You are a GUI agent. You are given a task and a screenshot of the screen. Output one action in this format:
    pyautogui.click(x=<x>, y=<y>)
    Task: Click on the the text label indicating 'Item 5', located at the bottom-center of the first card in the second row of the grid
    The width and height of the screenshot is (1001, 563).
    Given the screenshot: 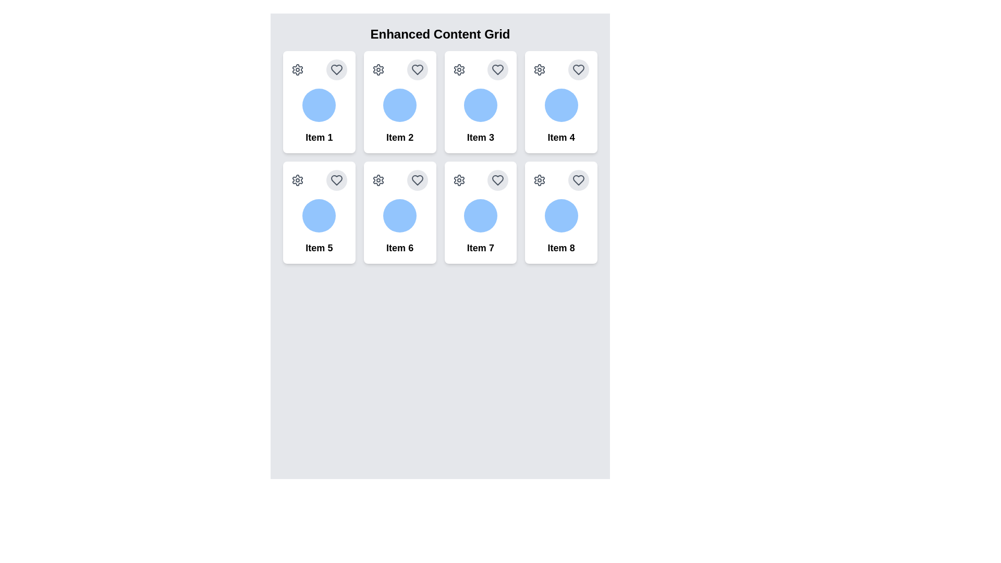 What is the action you would take?
    pyautogui.click(x=319, y=248)
    